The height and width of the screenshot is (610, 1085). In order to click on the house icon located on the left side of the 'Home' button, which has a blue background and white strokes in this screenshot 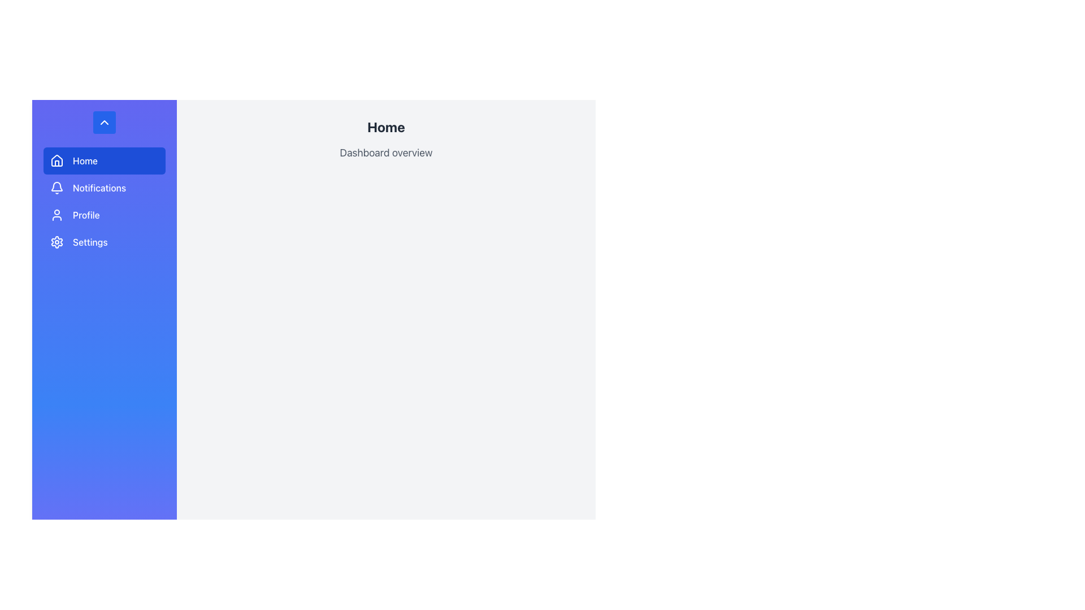, I will do `click(56, 161)`.